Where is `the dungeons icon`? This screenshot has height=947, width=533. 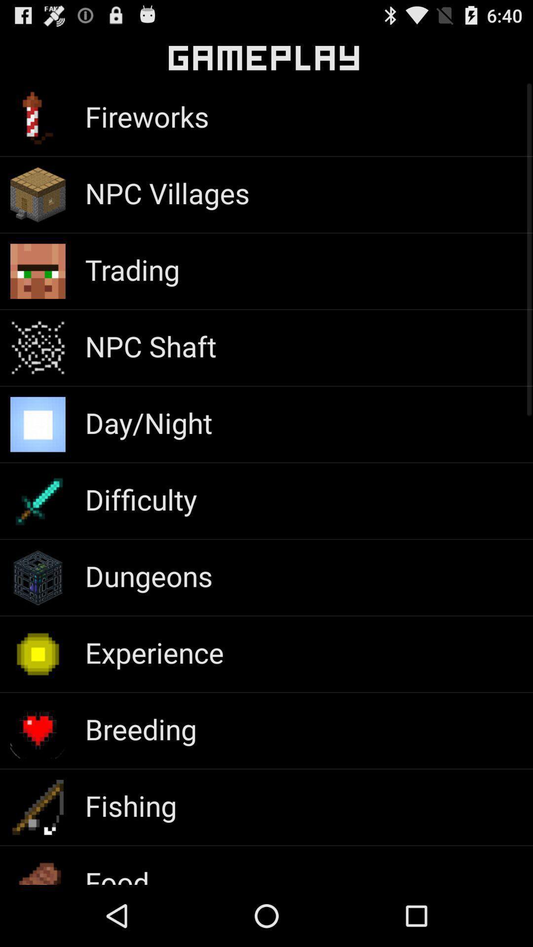
the dungeons icon is located at coordinates (149, 576).